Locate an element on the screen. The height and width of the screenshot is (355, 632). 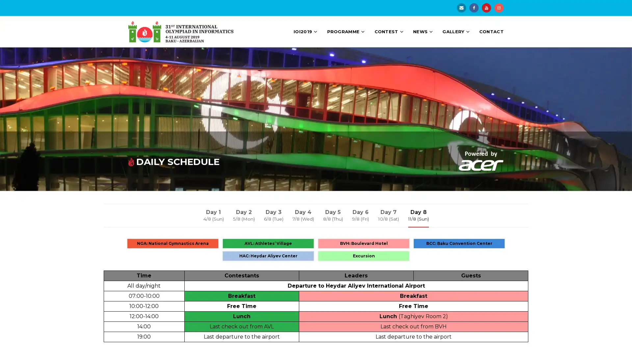
HAC: Heydar Aliyev Center is located at coordinates (268, 256).